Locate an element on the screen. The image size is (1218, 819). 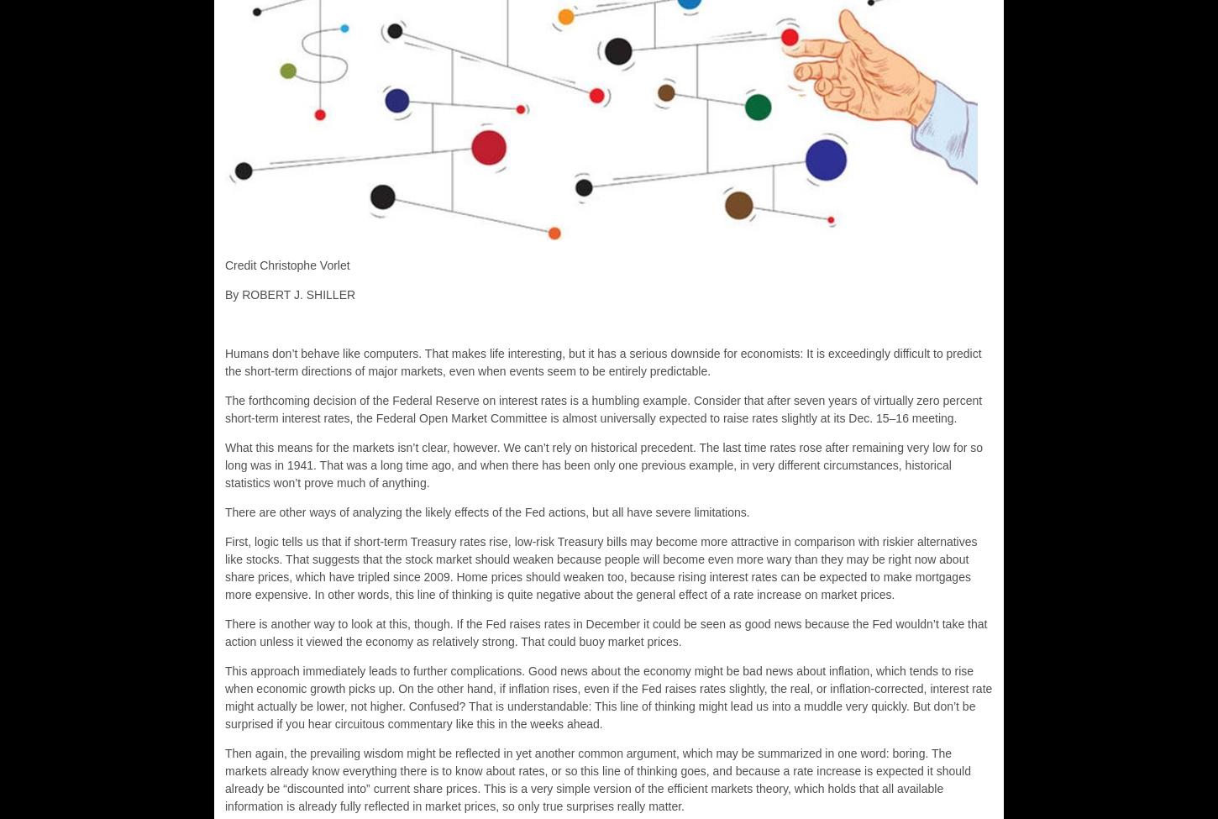
'Credit Christophe Vorlet' is located at coordinates (287, 264).